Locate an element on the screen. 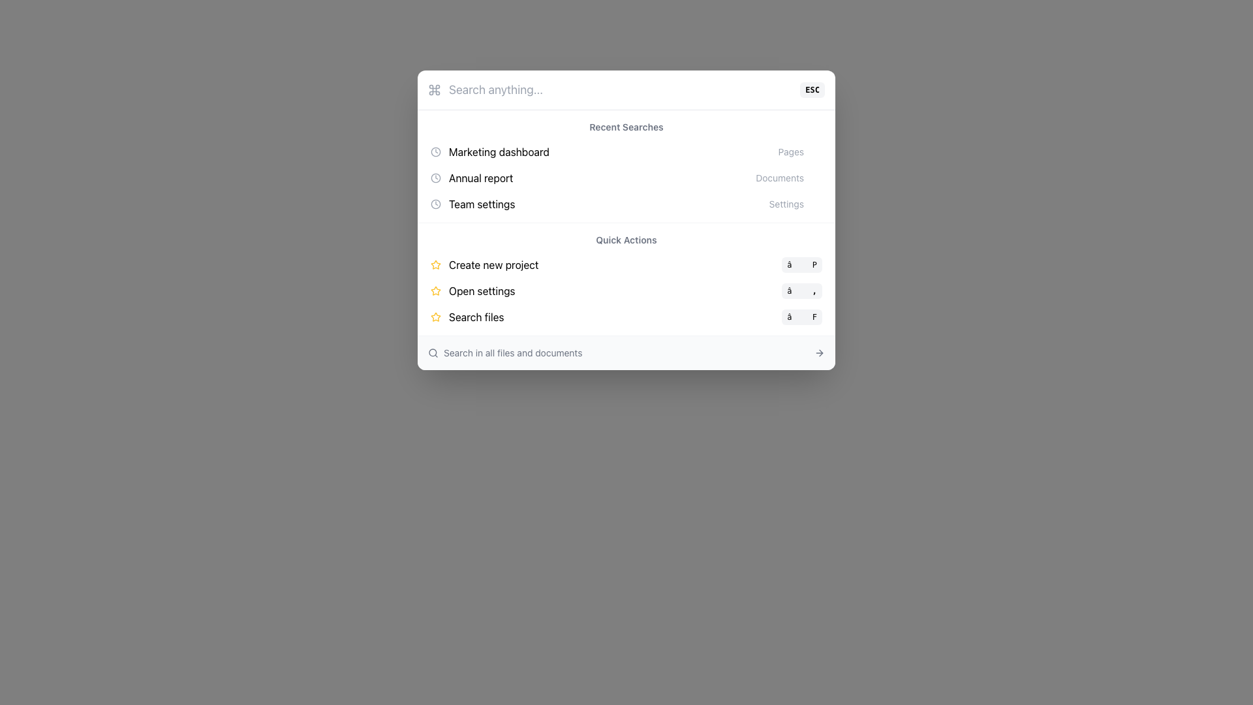 This screenshot has height=705, width=1253. the search input field located at the bottom of the modal to input search queries using the keyboard is located at coordinates (626, 352).